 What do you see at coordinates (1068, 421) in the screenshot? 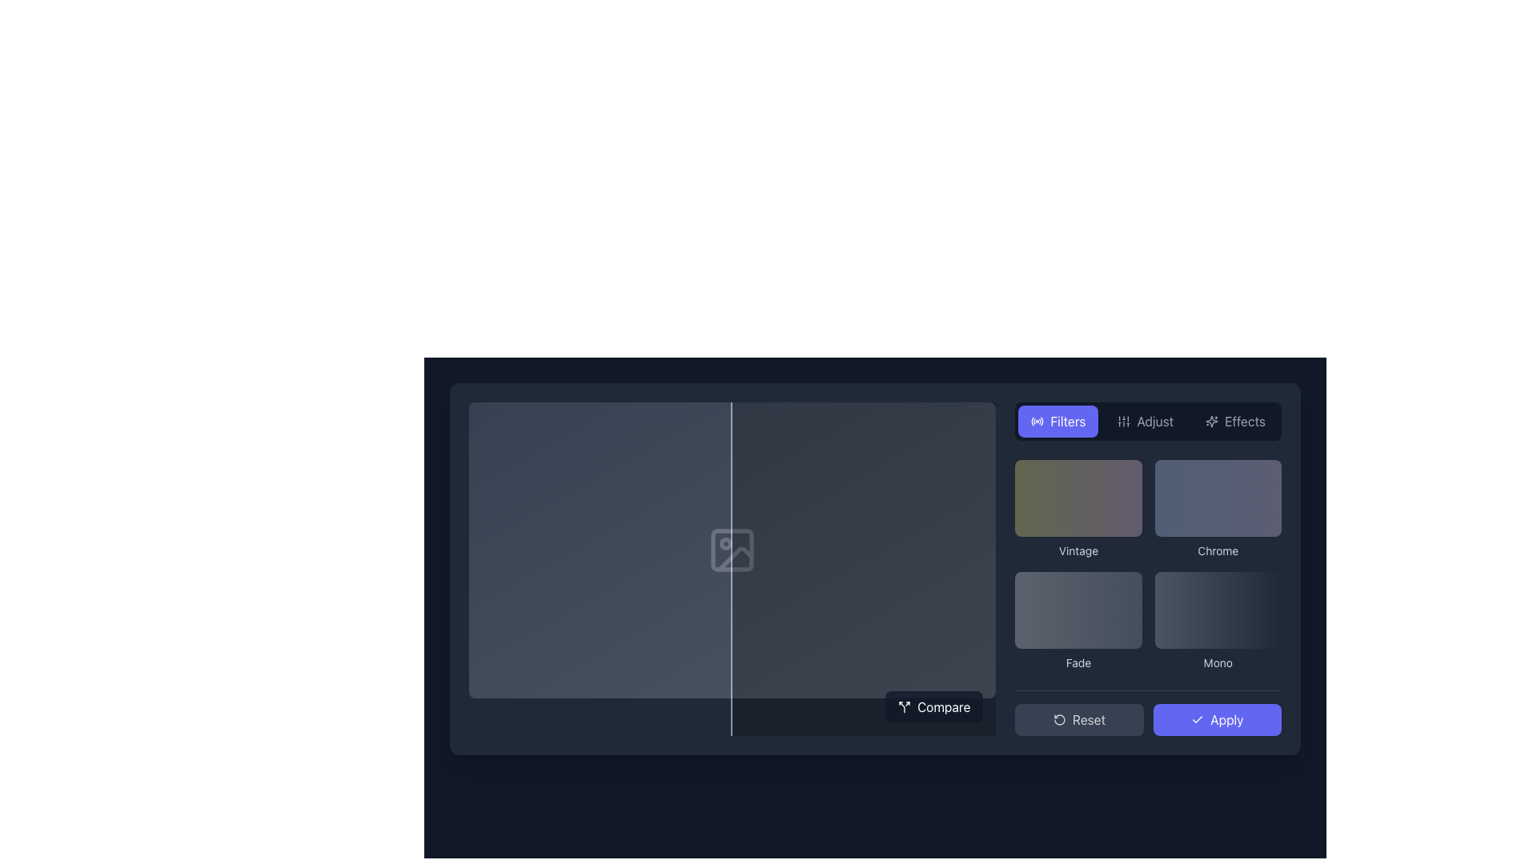
I see `the 'Filters' text label inside the blue rounded rectangular button located at the top right corner of the interface` at bounding box center [1068, 421].